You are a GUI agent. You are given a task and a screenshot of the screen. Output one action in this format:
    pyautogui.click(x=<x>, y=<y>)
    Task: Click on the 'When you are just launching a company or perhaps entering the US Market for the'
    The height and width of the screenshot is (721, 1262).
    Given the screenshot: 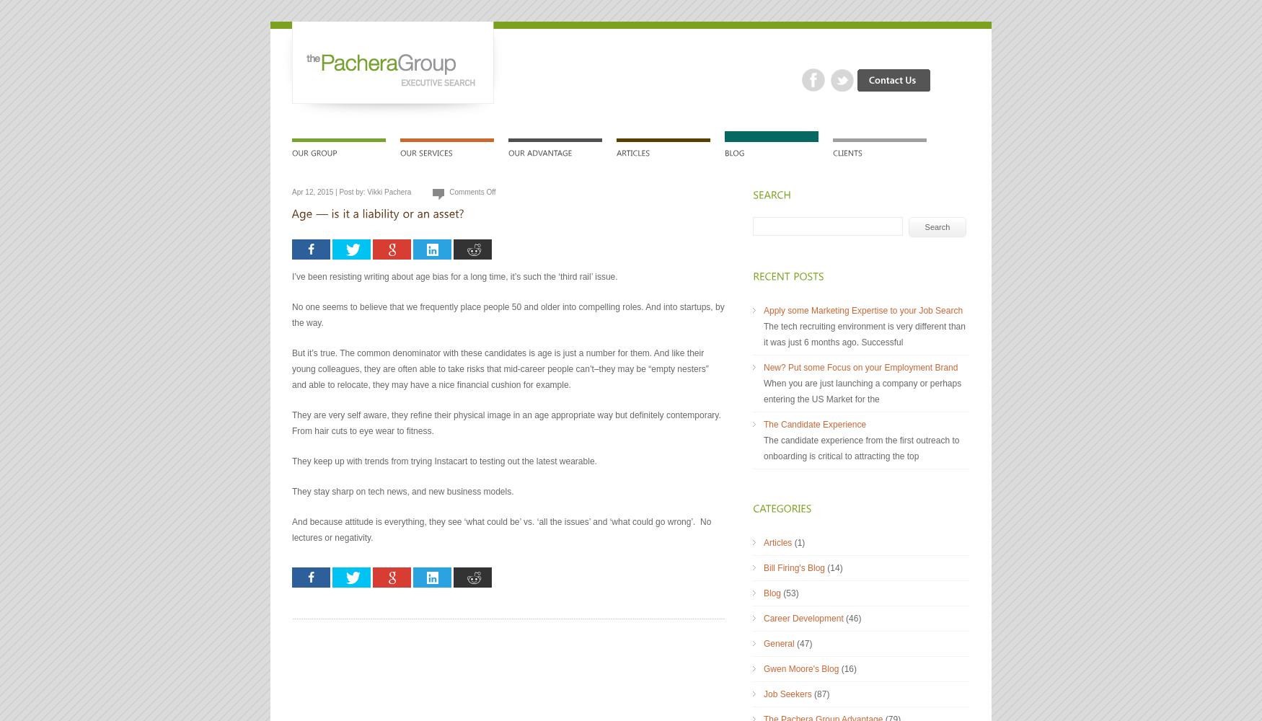 What is the action you would take?
    pyautogui.click(x=862, y=392)
    